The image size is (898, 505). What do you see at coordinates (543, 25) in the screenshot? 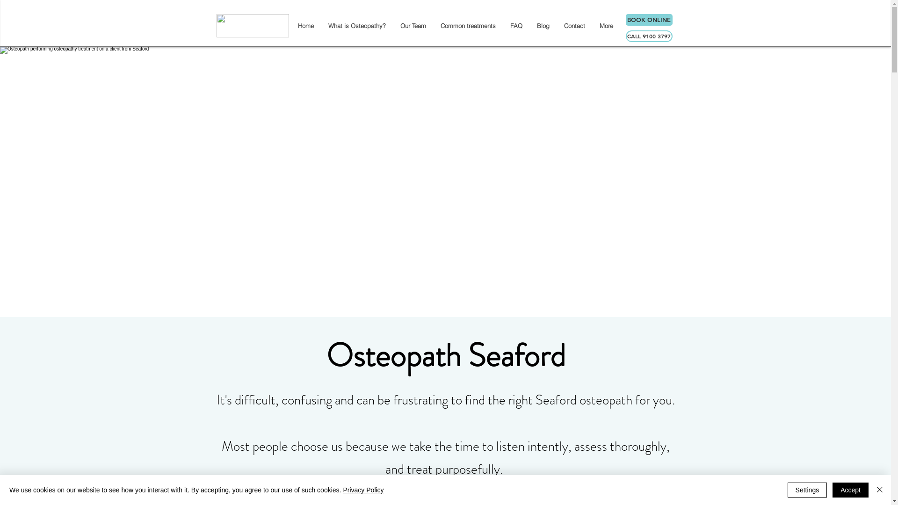
I see `'Blog'` at bounding box center [543, 25].